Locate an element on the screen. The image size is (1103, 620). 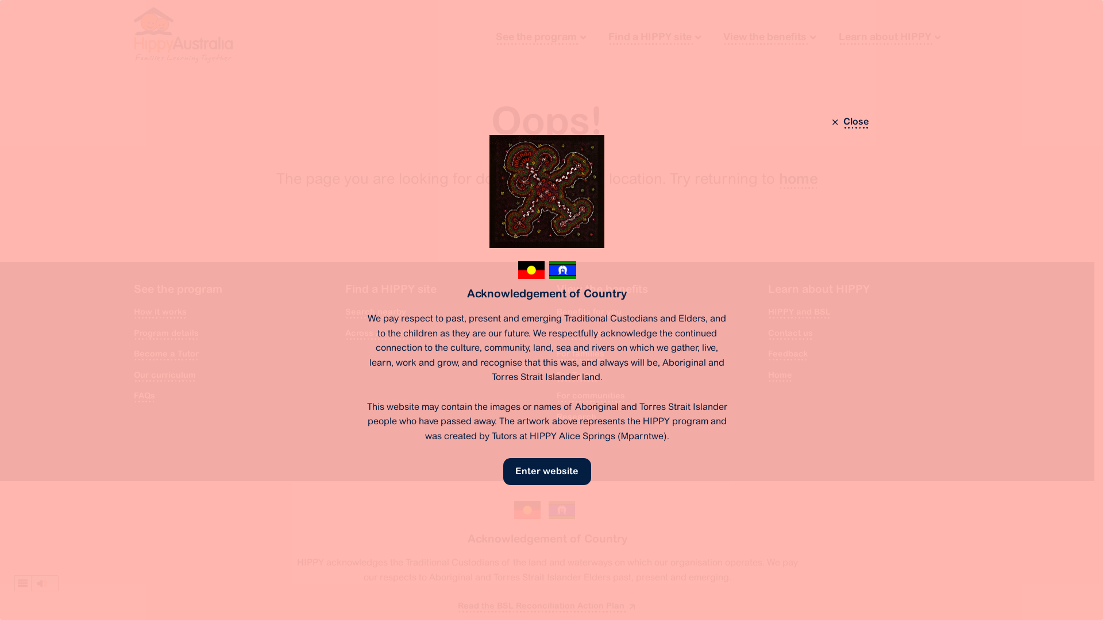
'For families' is located at coordinates (556, 354).